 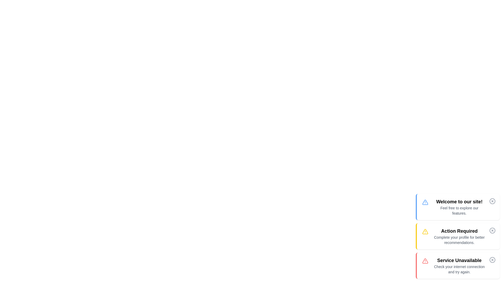 What do you see at coordinates (492, 230) in the screenshot?
I see `the circular close button with a cross shape at its center, located at the top-right corner of the 'Action Required' notification card, to change its color` at bounding box center [492, 230].